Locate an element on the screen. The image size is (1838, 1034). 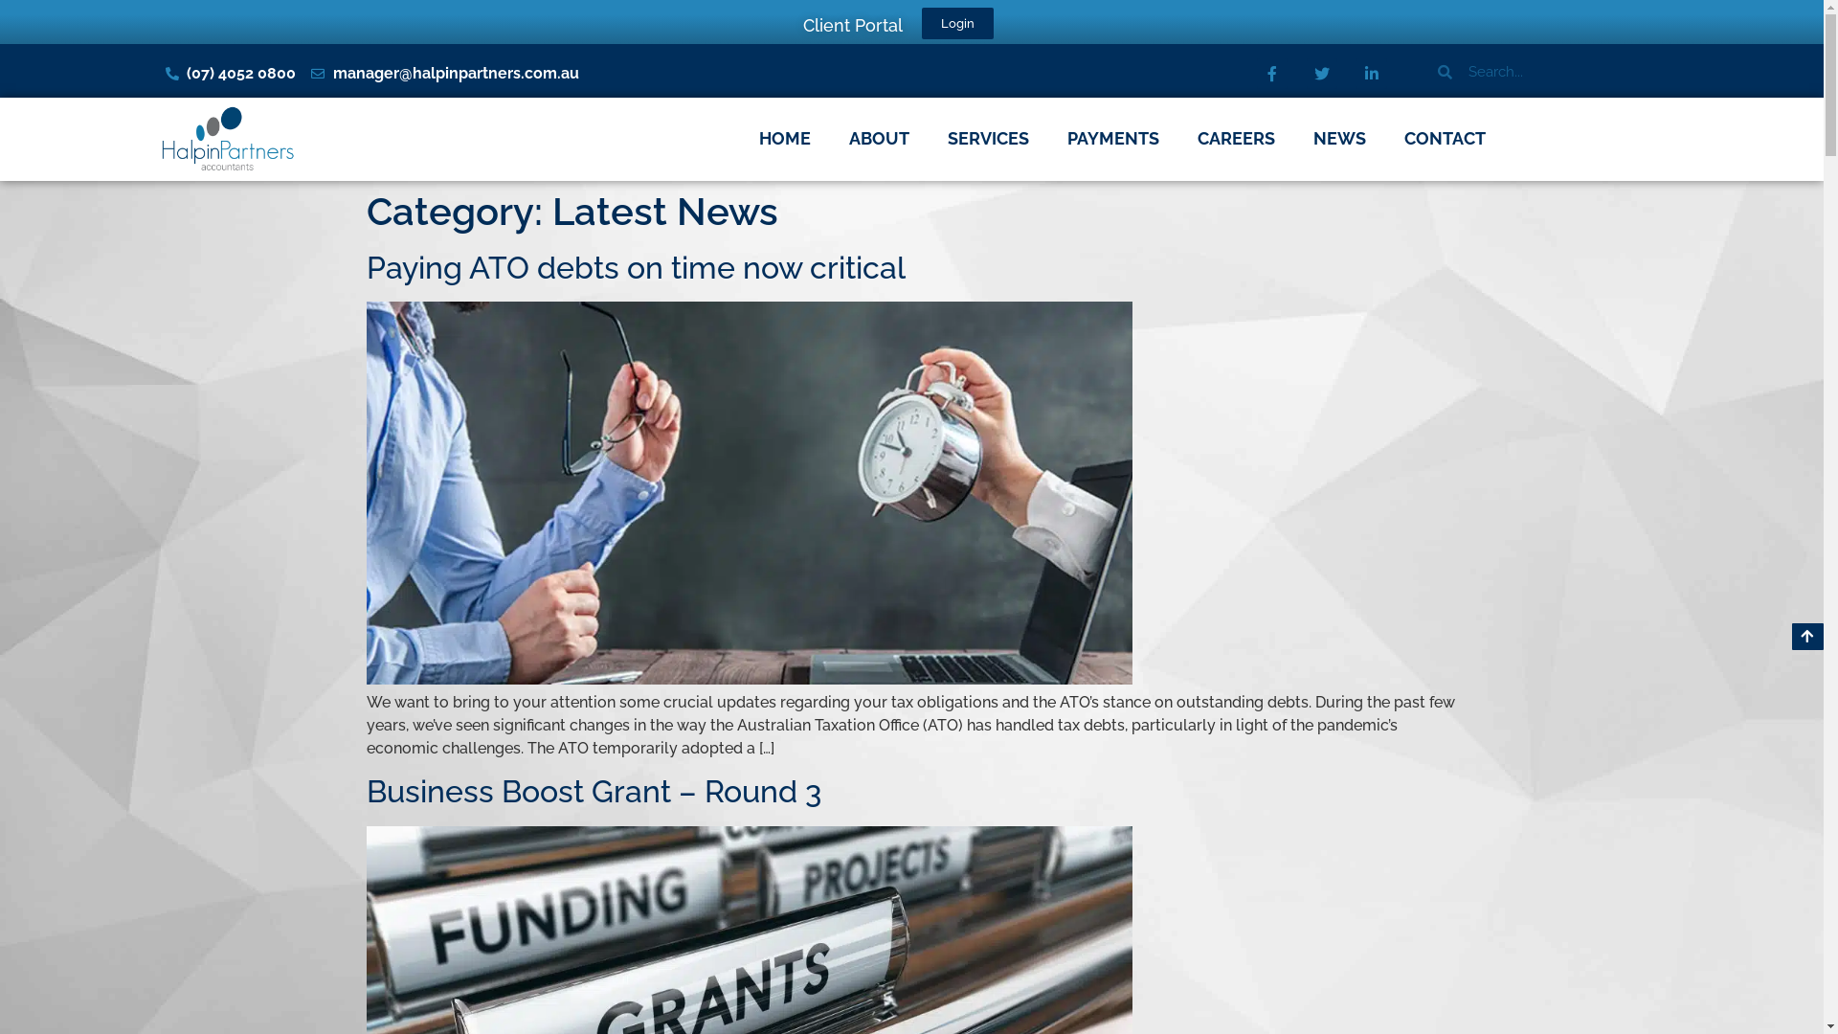
'CONTACT' is located at coordinates (1445, 138).